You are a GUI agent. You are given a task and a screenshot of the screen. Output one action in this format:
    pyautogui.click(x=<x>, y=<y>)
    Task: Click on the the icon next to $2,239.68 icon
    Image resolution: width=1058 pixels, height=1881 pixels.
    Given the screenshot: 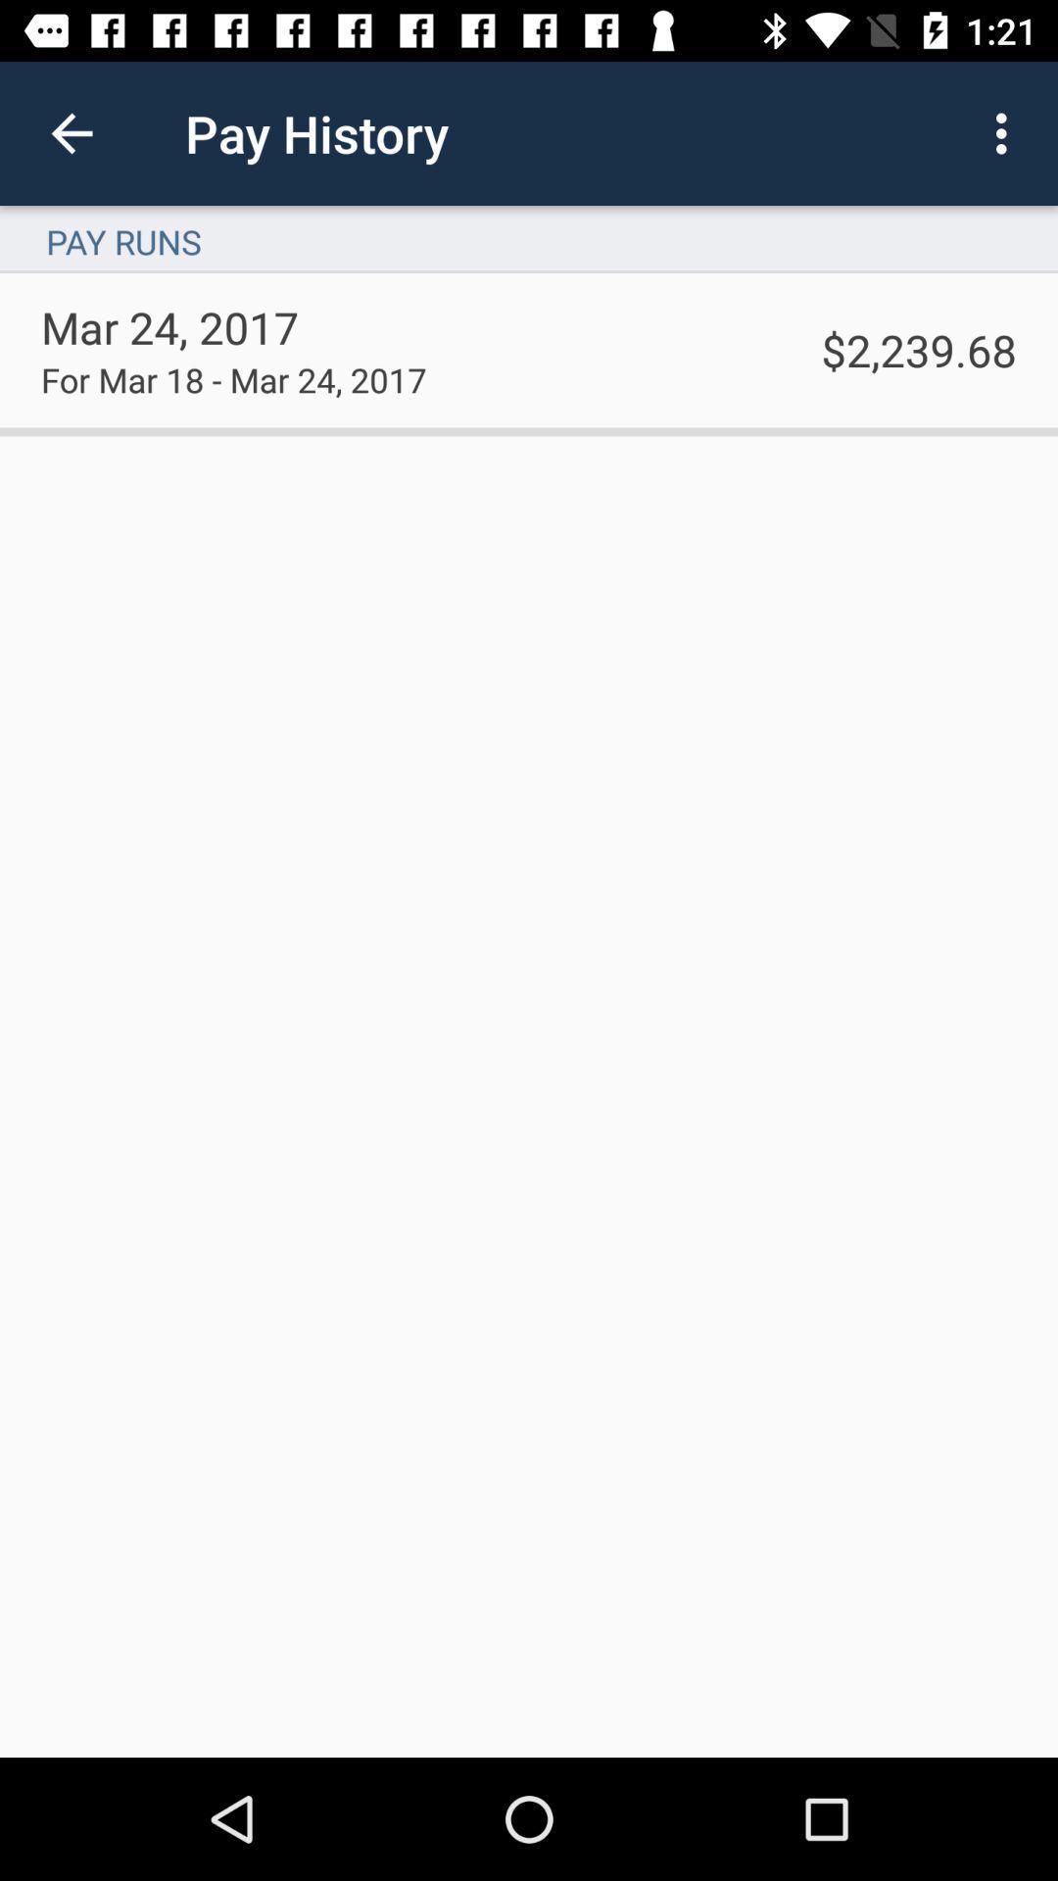 What is the action you would take?
    pyautogui.click(x=232, y=379)
    